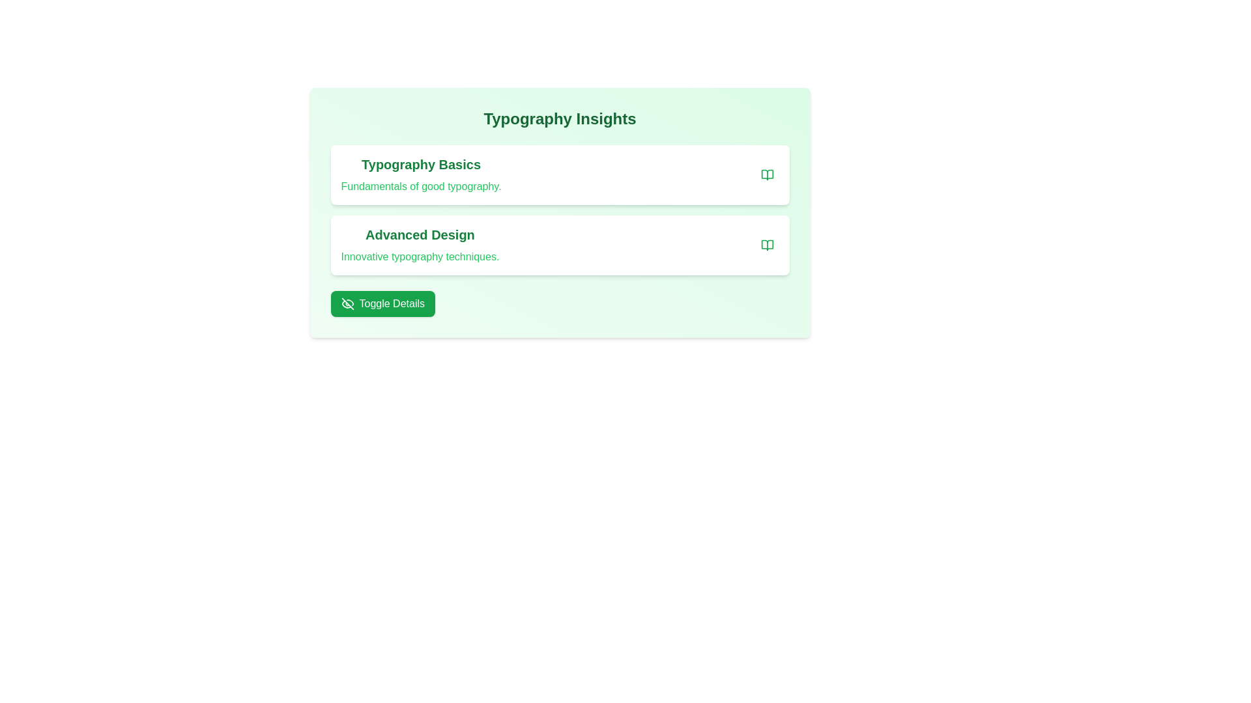  What do you see at coordinates (421, 164) in the screenshot?
I see `the heading text element that summarizes the content of the card, located at the top-center of the interface, just below 'Typography Insights'` at bounding box center [421, 164].